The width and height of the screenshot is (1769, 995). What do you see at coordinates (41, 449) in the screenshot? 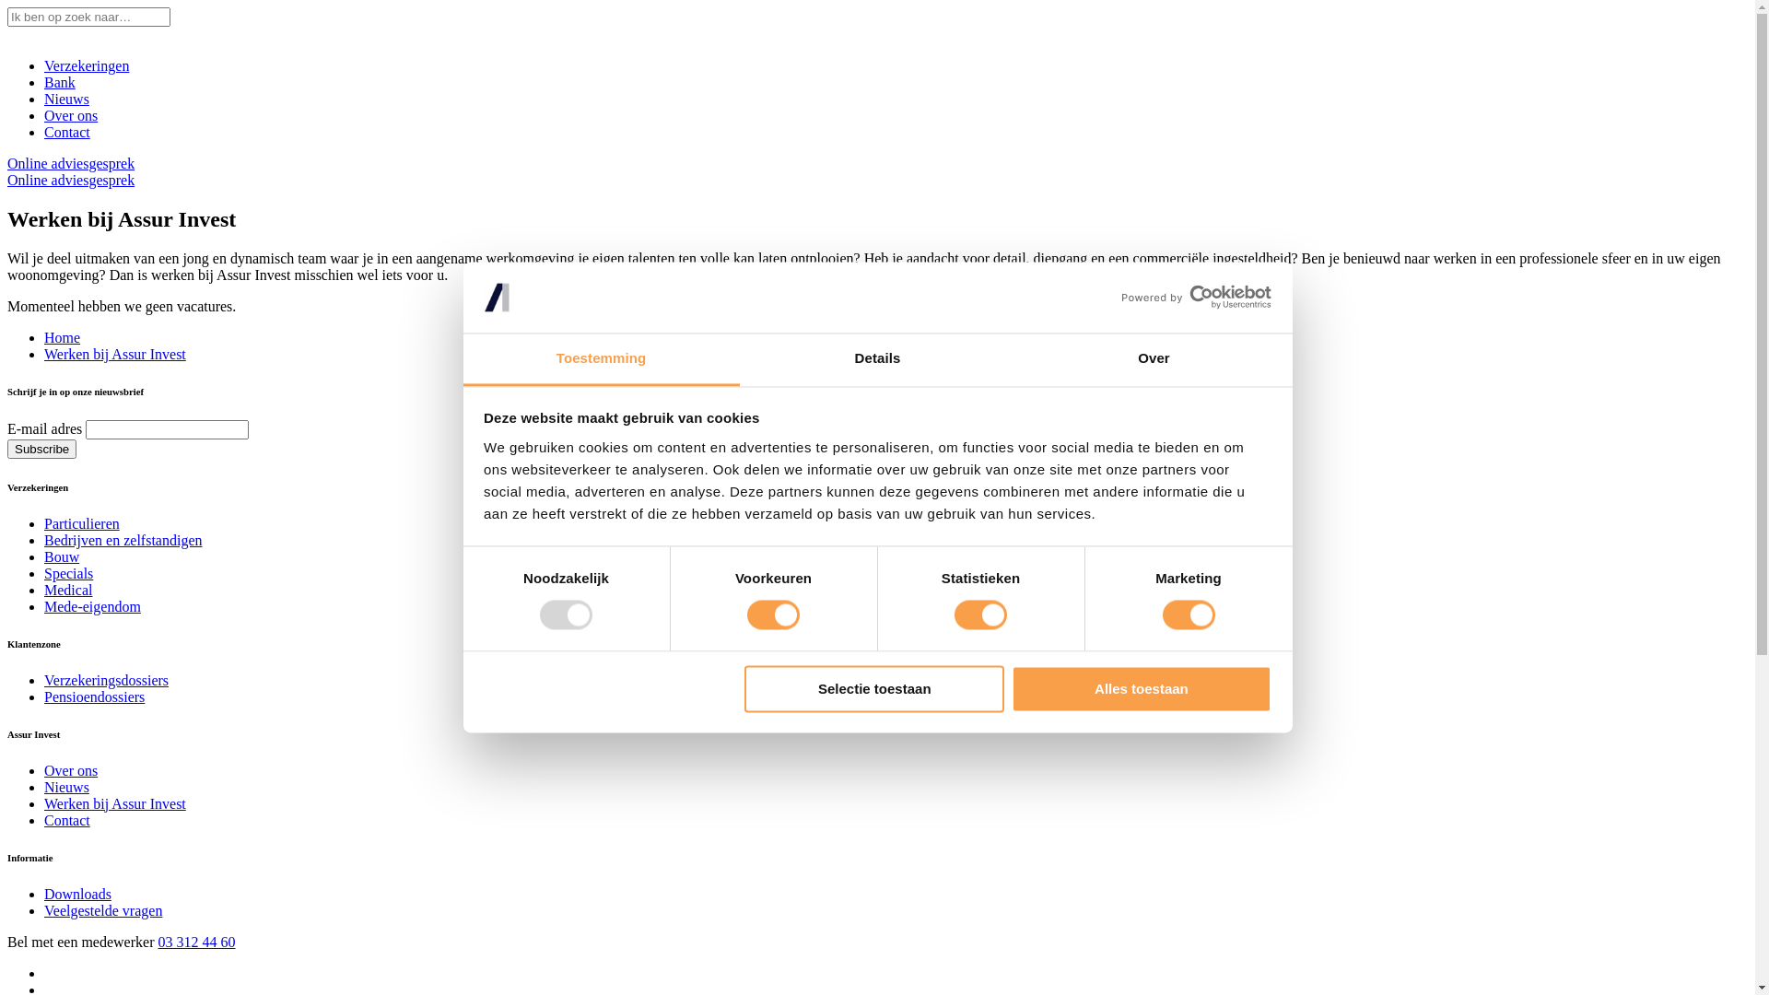
I see `'Subscribe'` at bounding box center [41, 449].